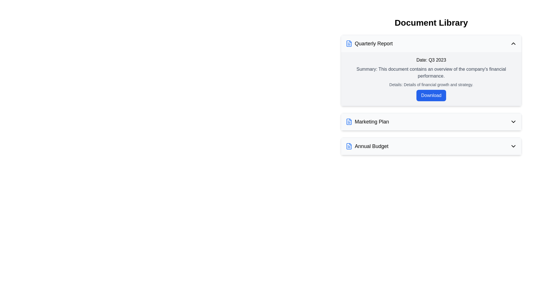 The height and width of the screenshot is (308, 548). What do you see at coordinates (431, 95) in the screenshot?
I see `the download button located at the bottom-right corner of the 'Quarterly Report' section to initiate the download` at bounding box center [431, 95].